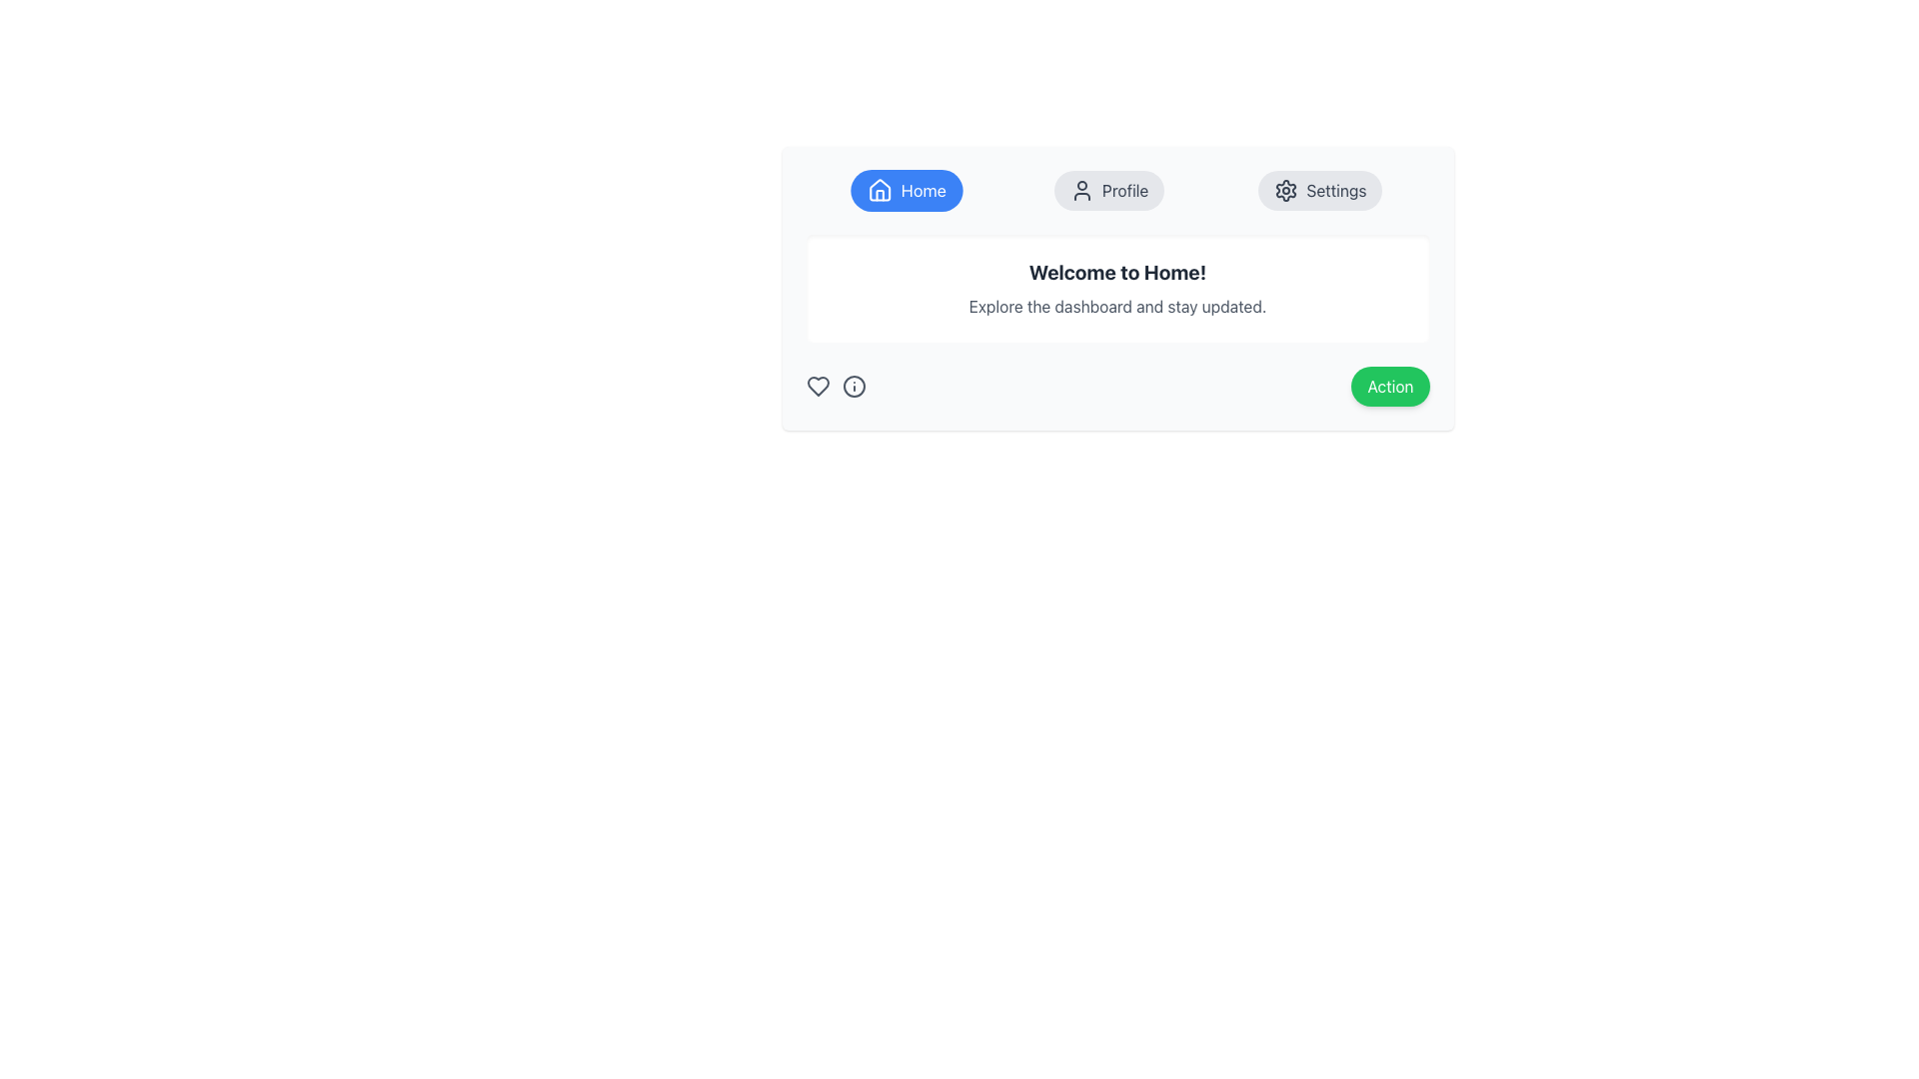  What do you see at coordinates (1319, 191) in the screenshot?
I see `the third button in the navigation bar located in the top-right corner` at bounding box center [1319, 191].